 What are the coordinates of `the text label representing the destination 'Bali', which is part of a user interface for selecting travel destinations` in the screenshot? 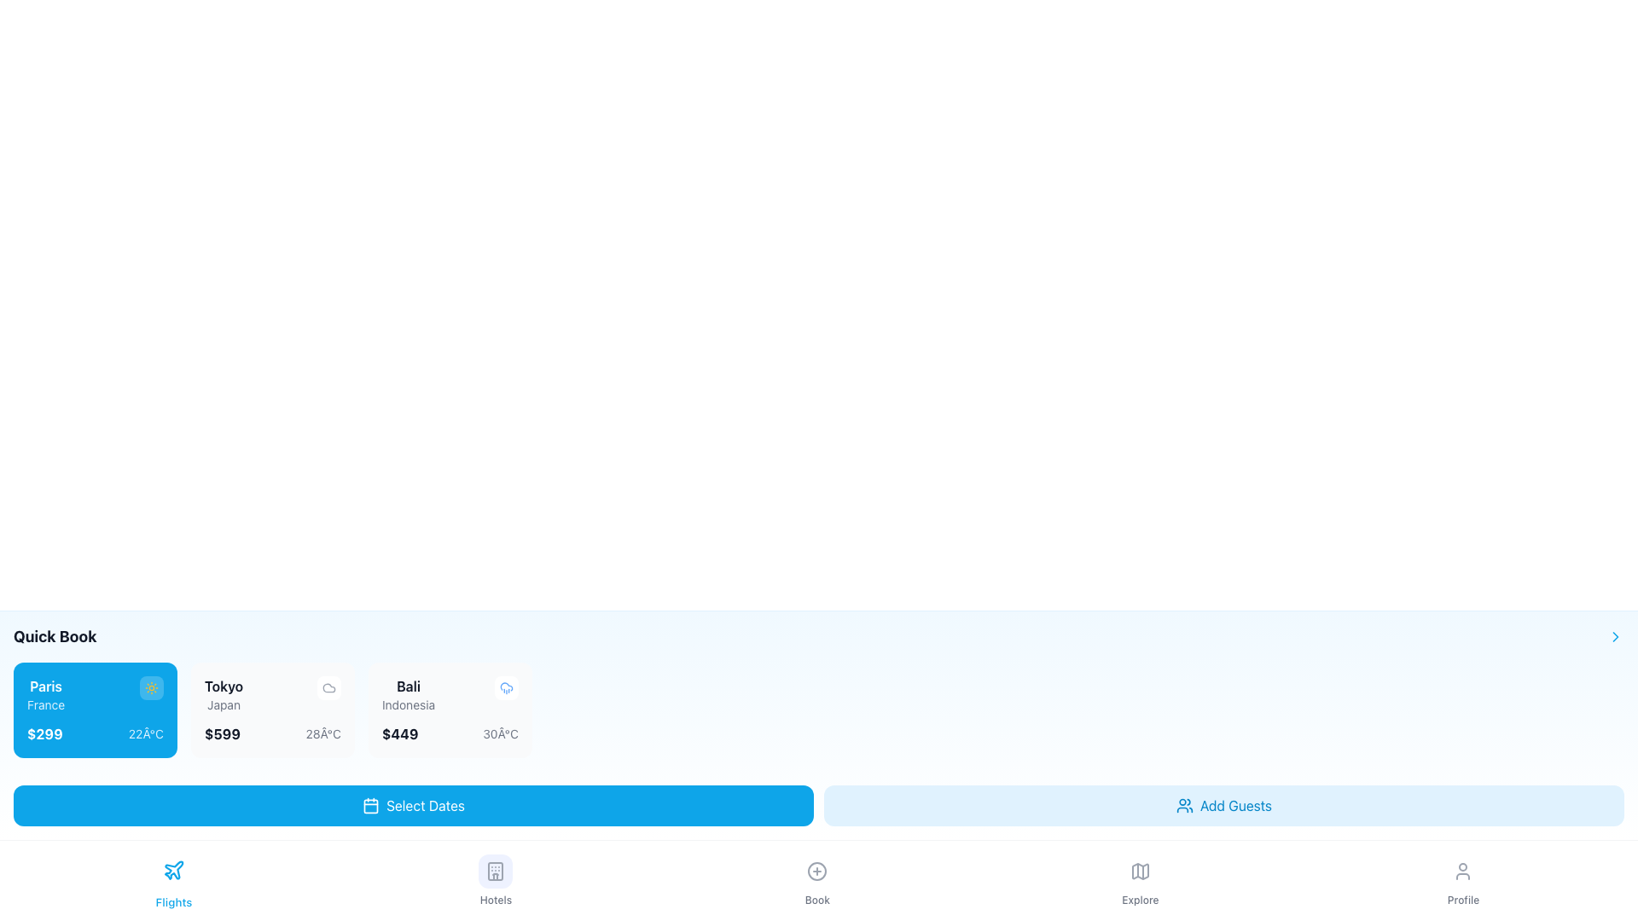 It's located at (408, 686).